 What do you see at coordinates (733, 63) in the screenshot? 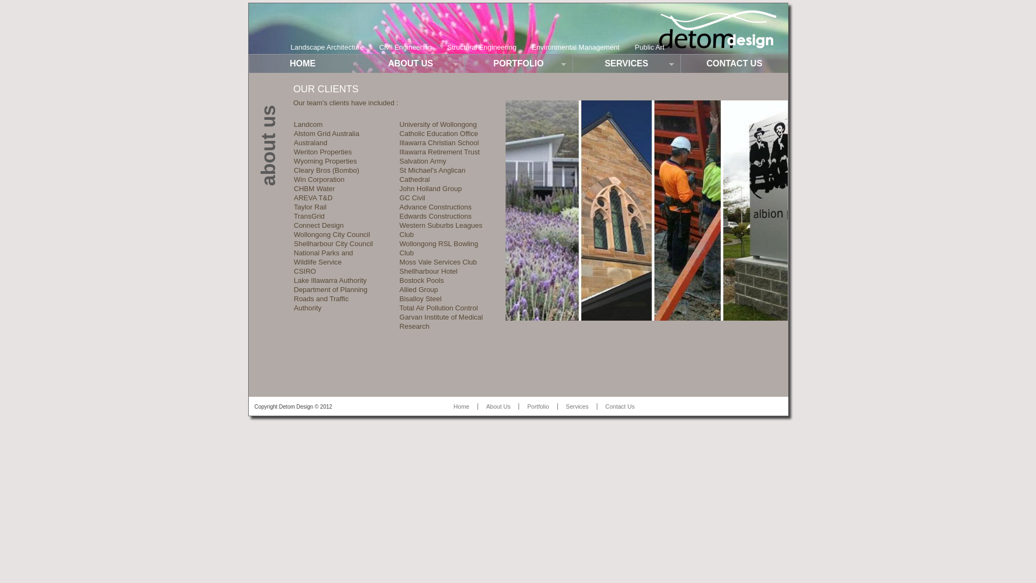
I see `'CONTACT US'` at bounding box center [733, 63].